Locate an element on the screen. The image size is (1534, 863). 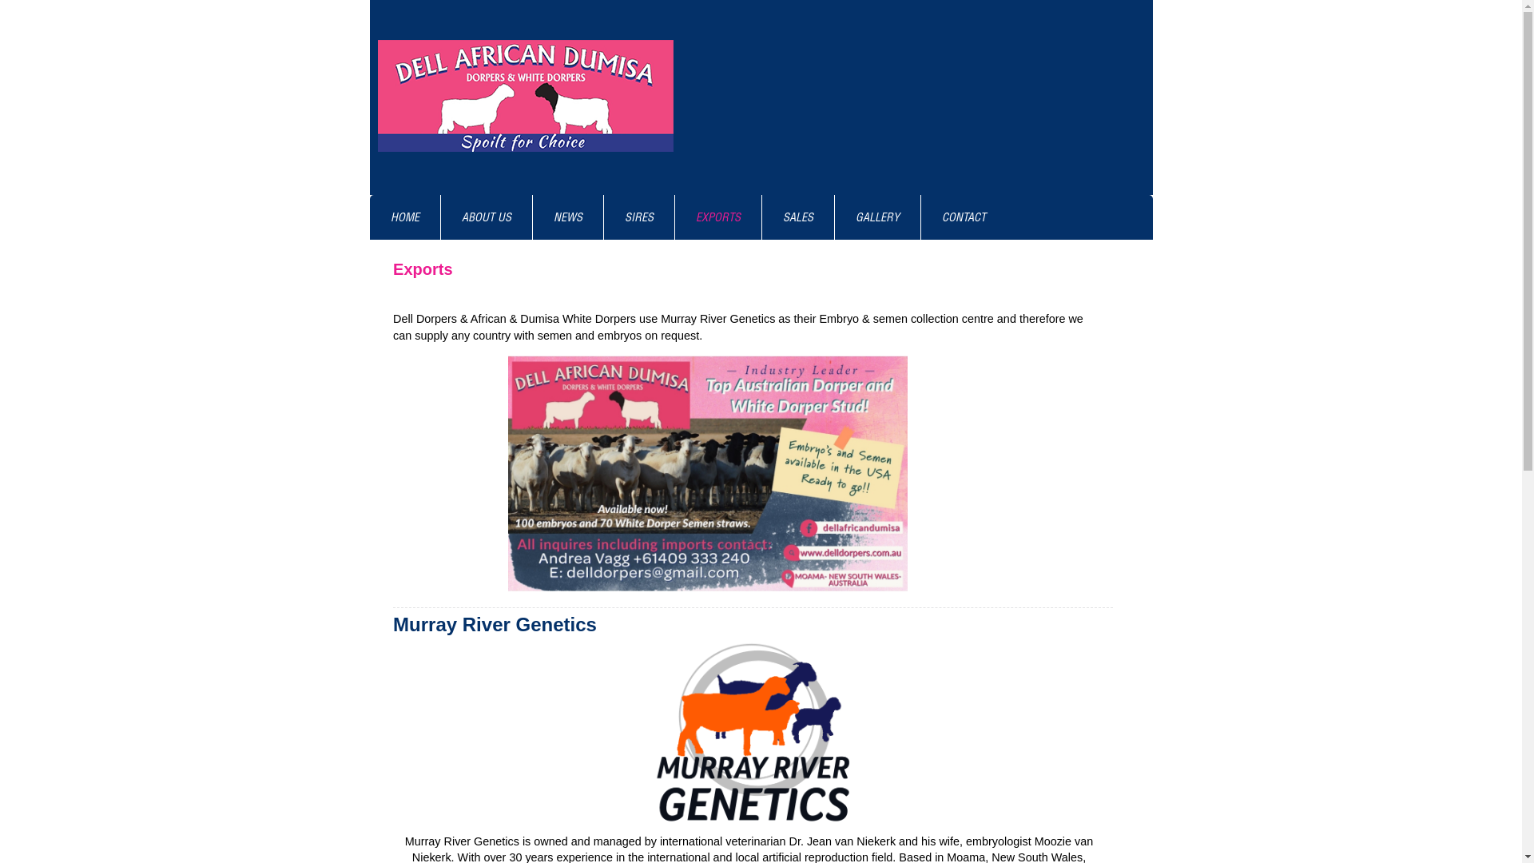
'SIRES' is located at coordinates (639, 217).